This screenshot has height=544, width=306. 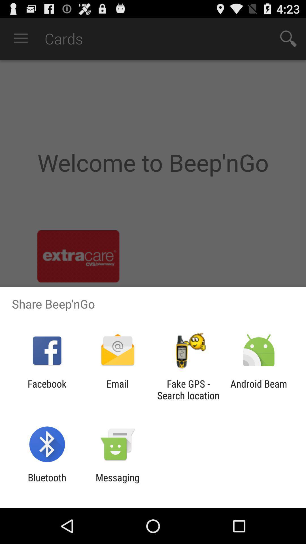 I want to click on fake gps search icon, so click(x=188, y=389).